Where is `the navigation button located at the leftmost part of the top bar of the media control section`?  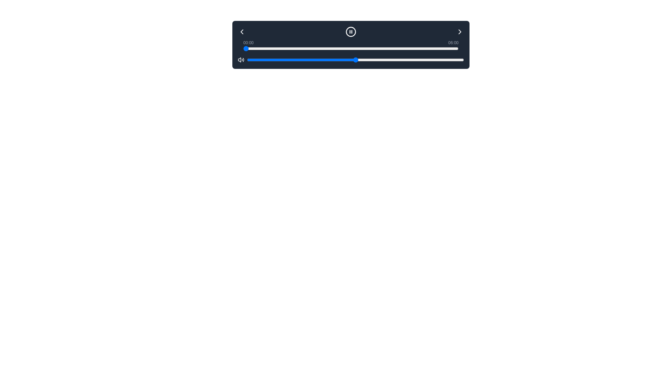 the navigation button located at the leftmost part of the top bar of the media control section is located at coordinates (242, 32).